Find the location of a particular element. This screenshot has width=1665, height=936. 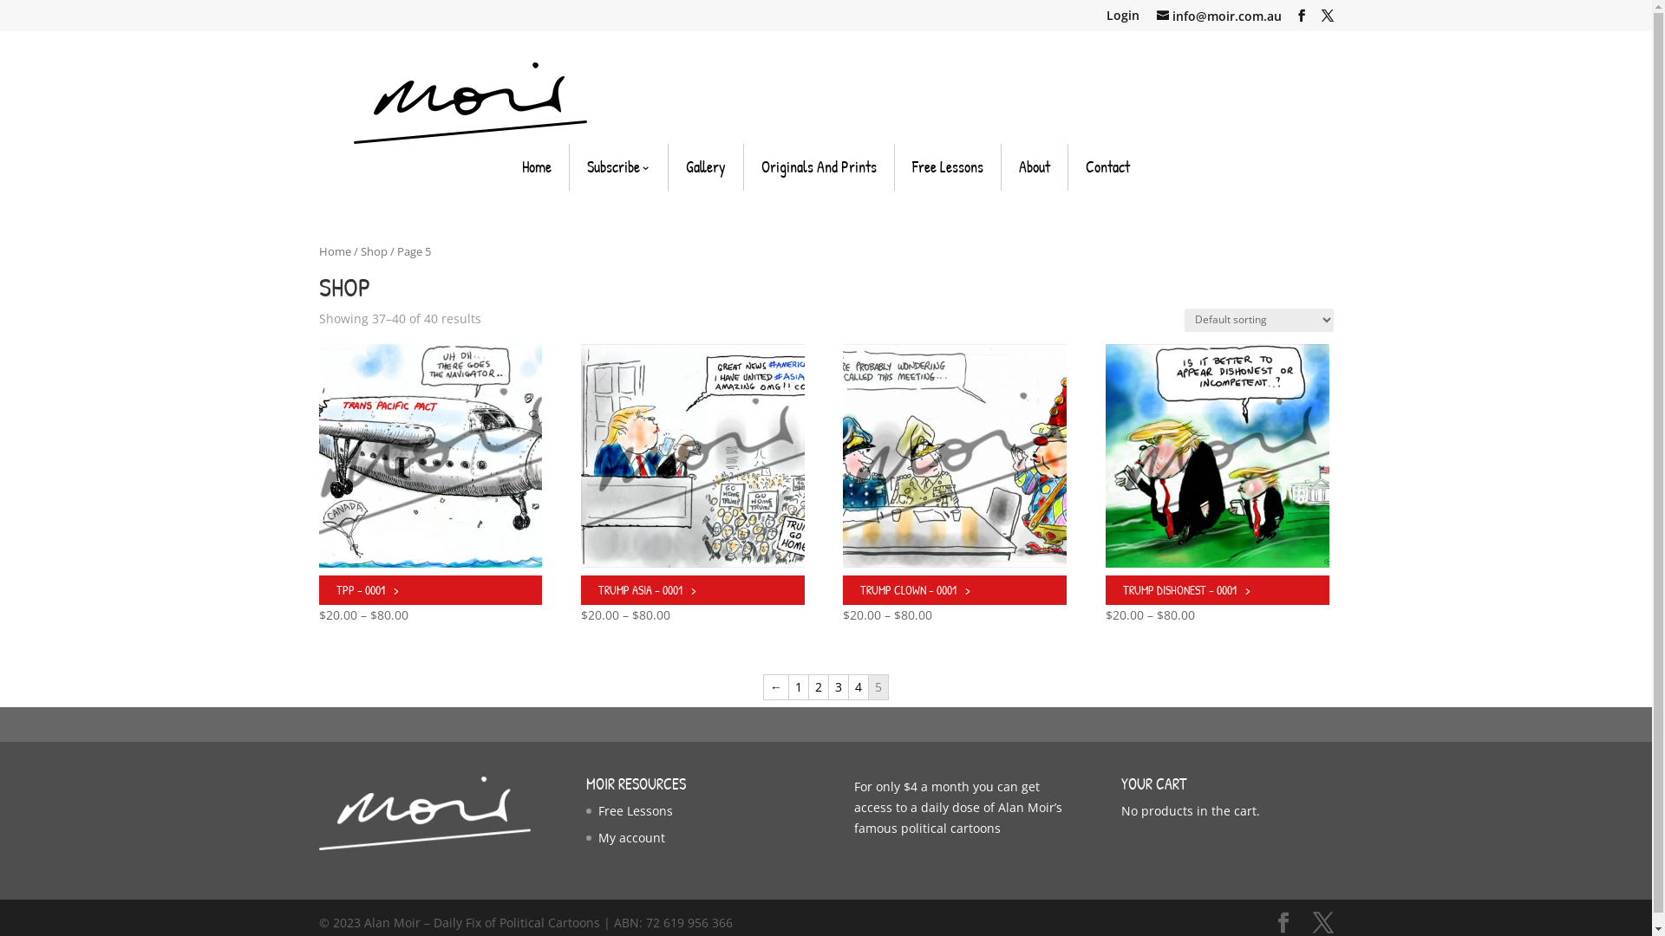

'Gallery' is located at coordinates (706, 166).